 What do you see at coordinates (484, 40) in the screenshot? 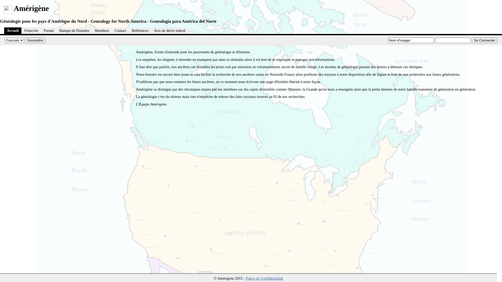
I see `'Se Connecter'` at bounding box center [484, 40].